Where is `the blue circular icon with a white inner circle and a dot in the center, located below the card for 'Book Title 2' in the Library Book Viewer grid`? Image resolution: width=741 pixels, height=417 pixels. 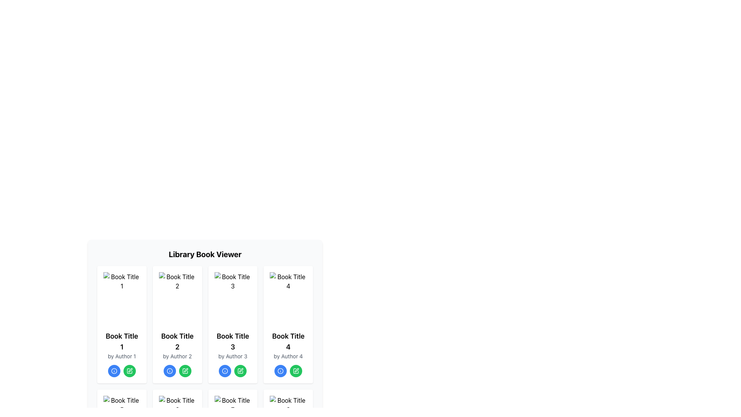 the blue circular icon with a white inner circle and a dot in the center, located below the card for 'Book Title 2' in the Library Book Viewer grid is located at coordinates (169, 370).